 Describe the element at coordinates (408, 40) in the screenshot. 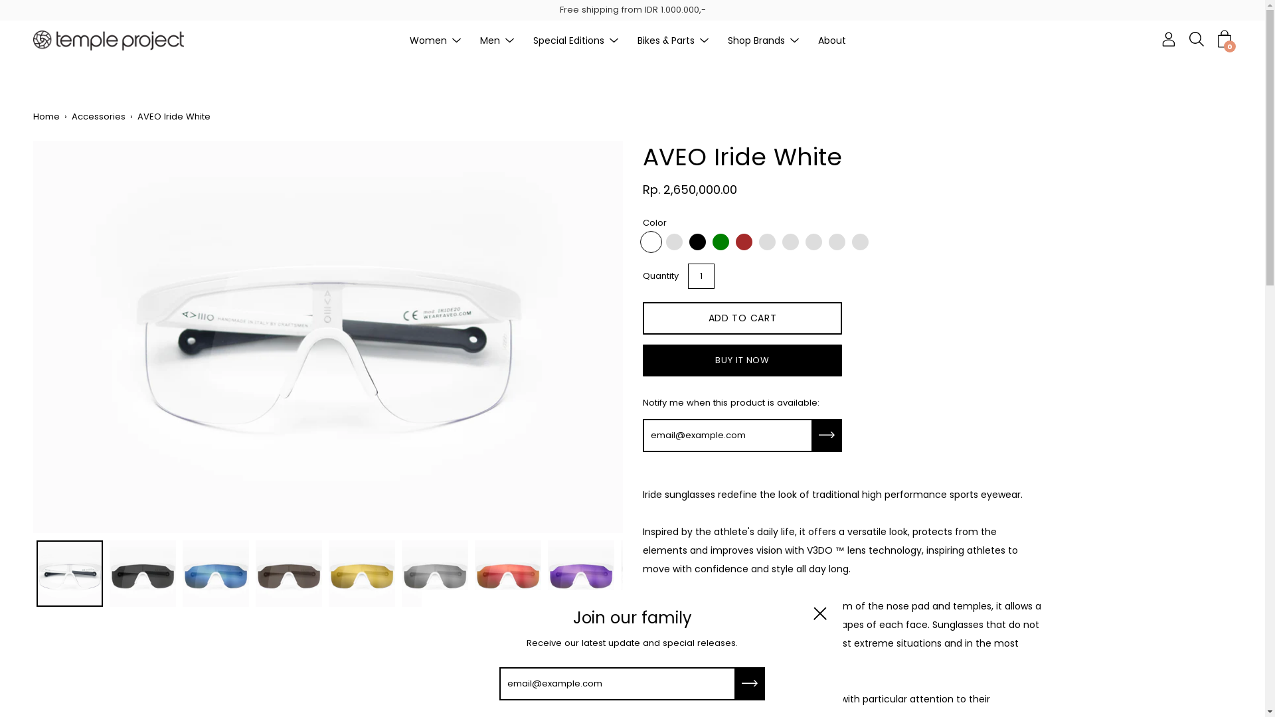

I see `'Women'` at that location.